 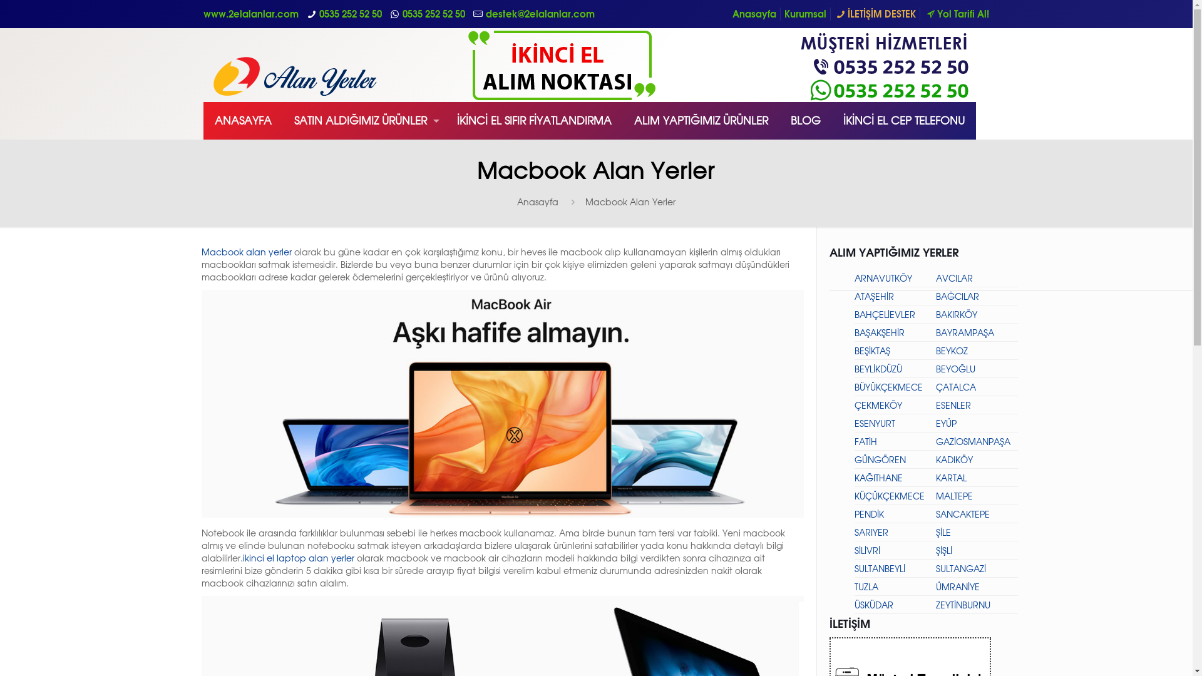 What do you see at coordinates (853, 532) in the screenshot?
I see `'SARIYER'` at bounding box center [853, 532].